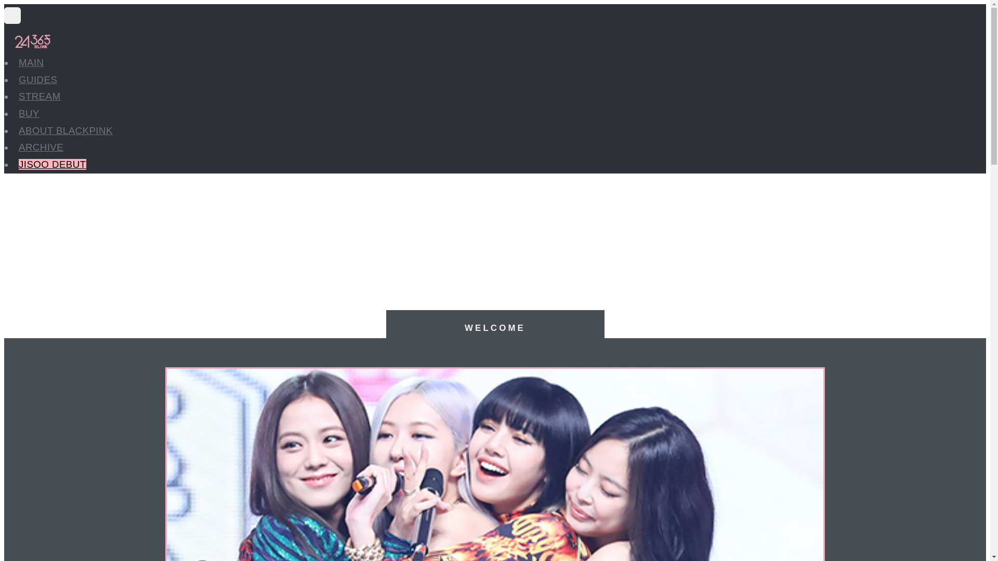 Image resolution: width=998 pixels, height=561 pixels. I want to click on 'STREAM', so click(40, 96).